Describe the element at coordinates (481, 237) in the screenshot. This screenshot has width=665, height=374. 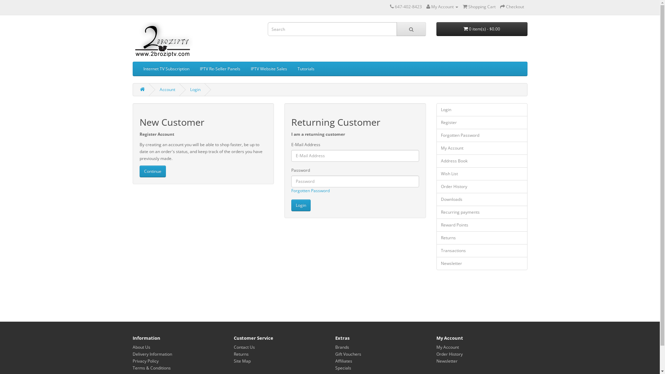
I see `'Returns'` at that location.